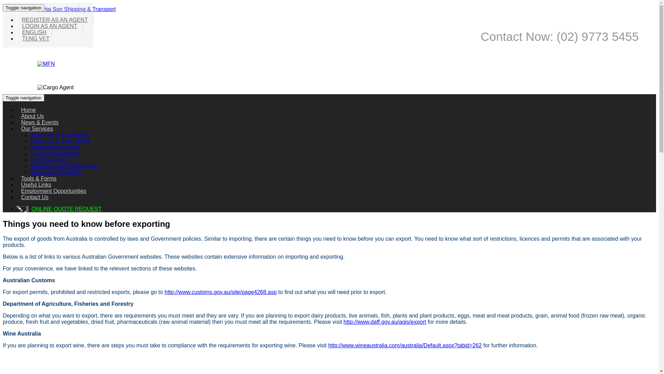  Describe the element at coordinates (30, 135) in the screenshot. I see `'Import Air & Sea Freight'` at that location.